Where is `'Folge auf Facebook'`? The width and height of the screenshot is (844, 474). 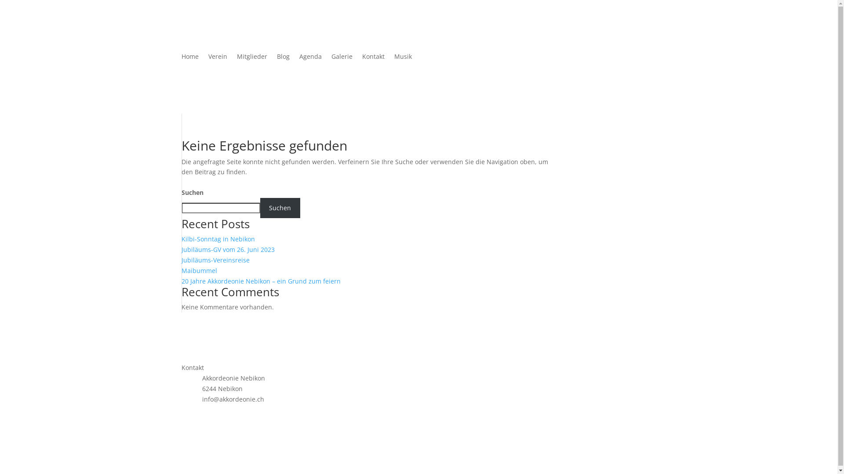
'Folge auf Facebook' is located at coordinates (187, 415).